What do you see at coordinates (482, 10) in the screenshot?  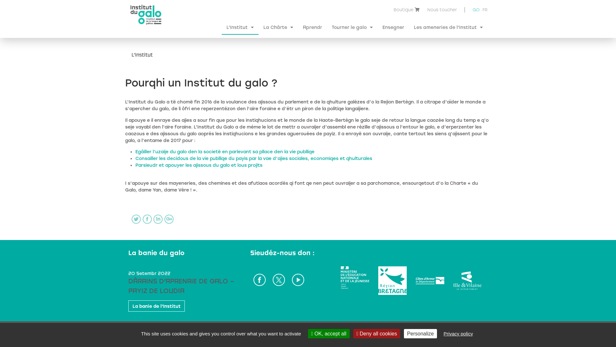 I see `'FR'` at bounding box center [482, 10].